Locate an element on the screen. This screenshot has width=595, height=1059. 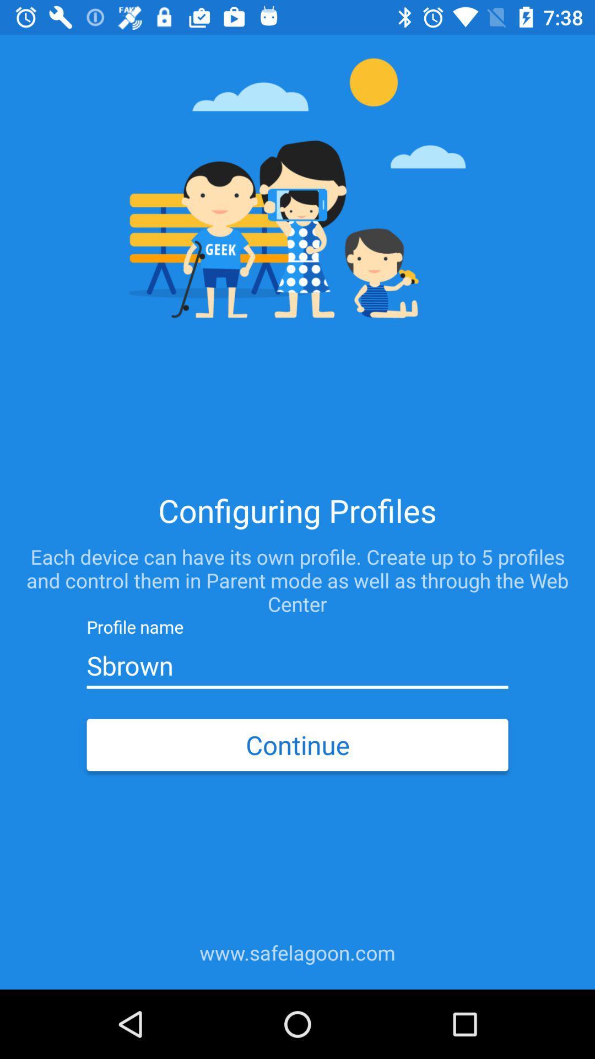
the icon below the sbrown icon is located at coordinates (297, 745).